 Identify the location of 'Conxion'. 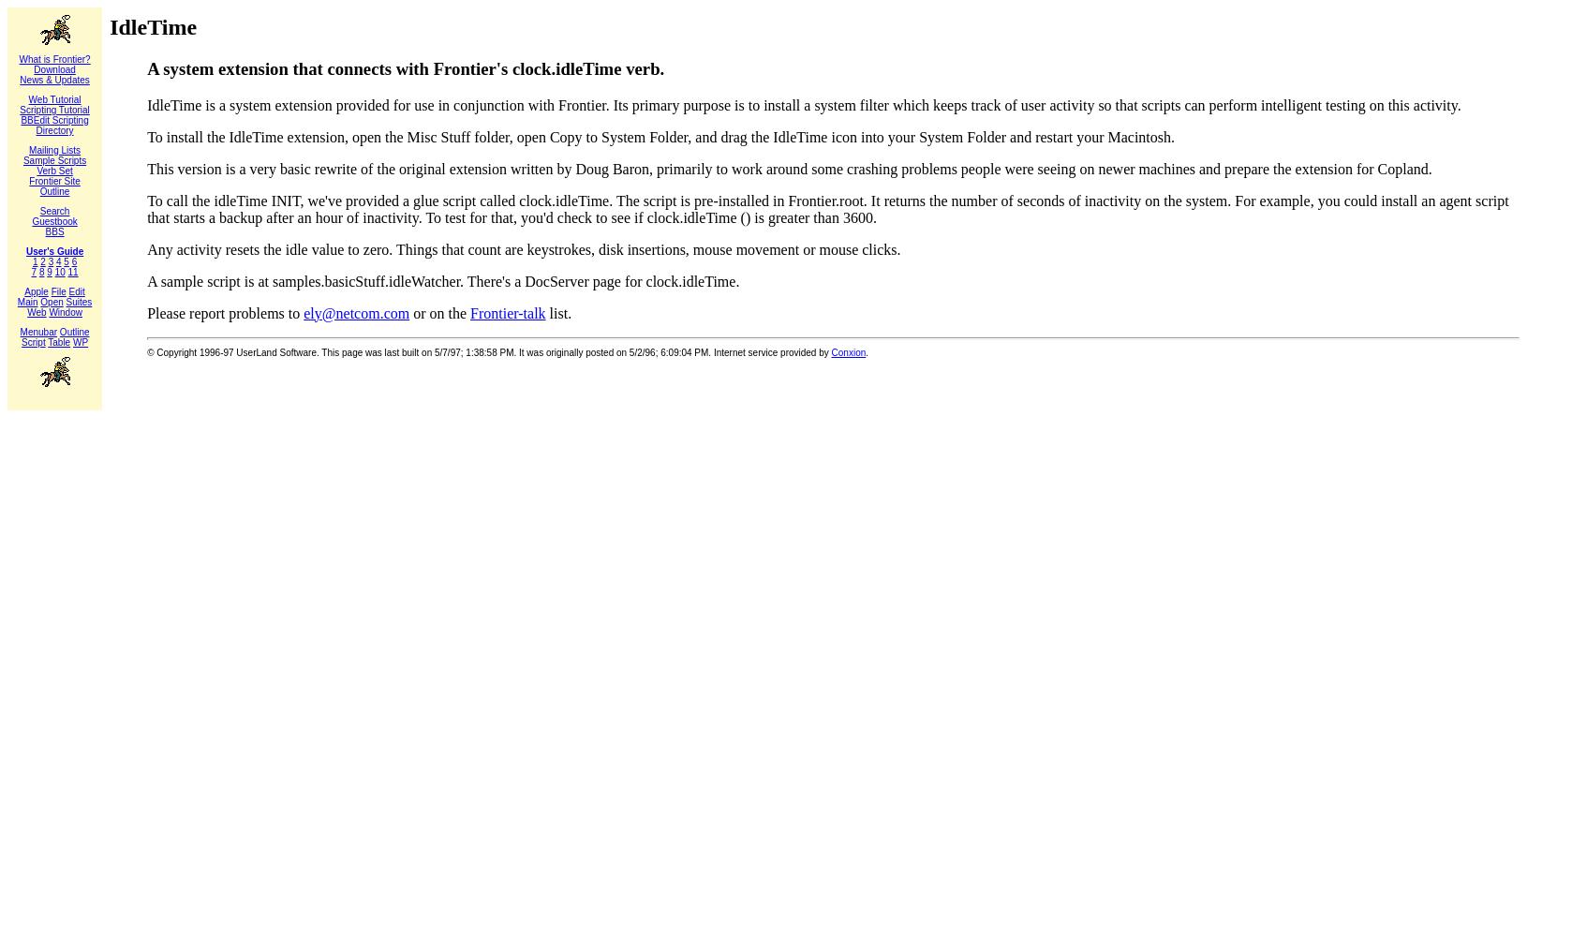
(848, 351).